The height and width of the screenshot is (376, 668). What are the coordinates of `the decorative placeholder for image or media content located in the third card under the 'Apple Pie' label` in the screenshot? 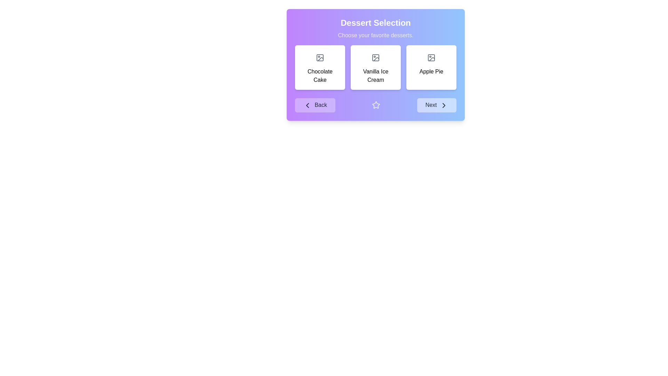 It's located at (431, 57).